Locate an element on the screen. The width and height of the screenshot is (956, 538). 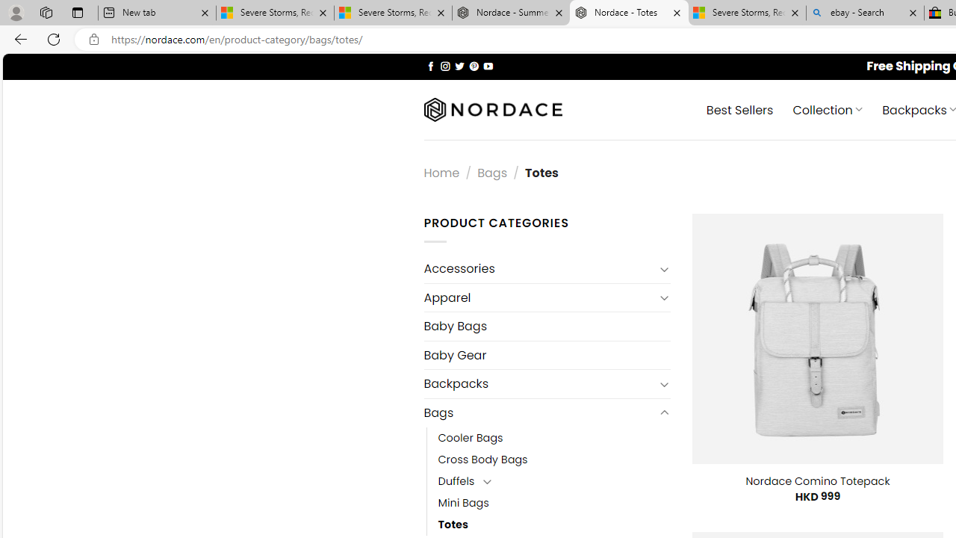
'Mini Bags' is located at coordinates (462, 503).